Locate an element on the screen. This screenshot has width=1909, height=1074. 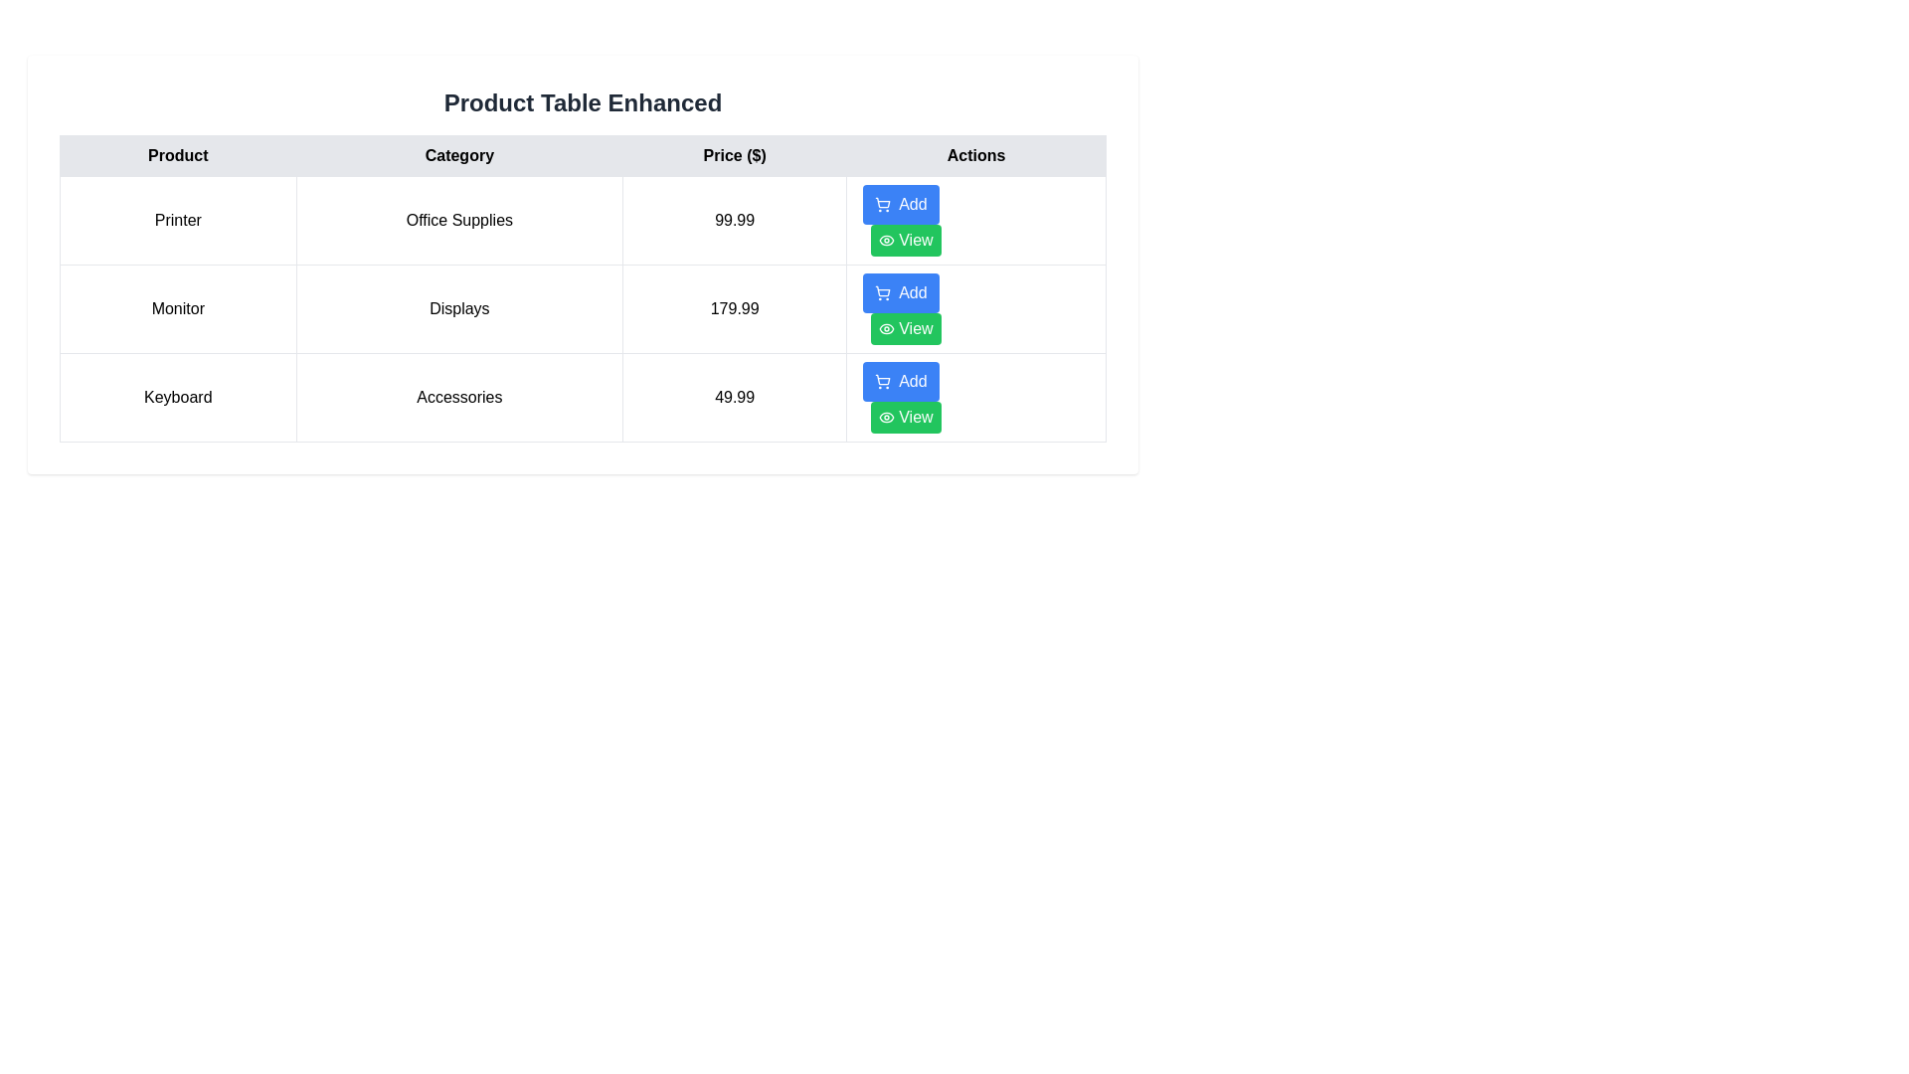
the 'Add' button in the 'Actions' column for the product 'Keyboard' is located at coordinates (900, 382).